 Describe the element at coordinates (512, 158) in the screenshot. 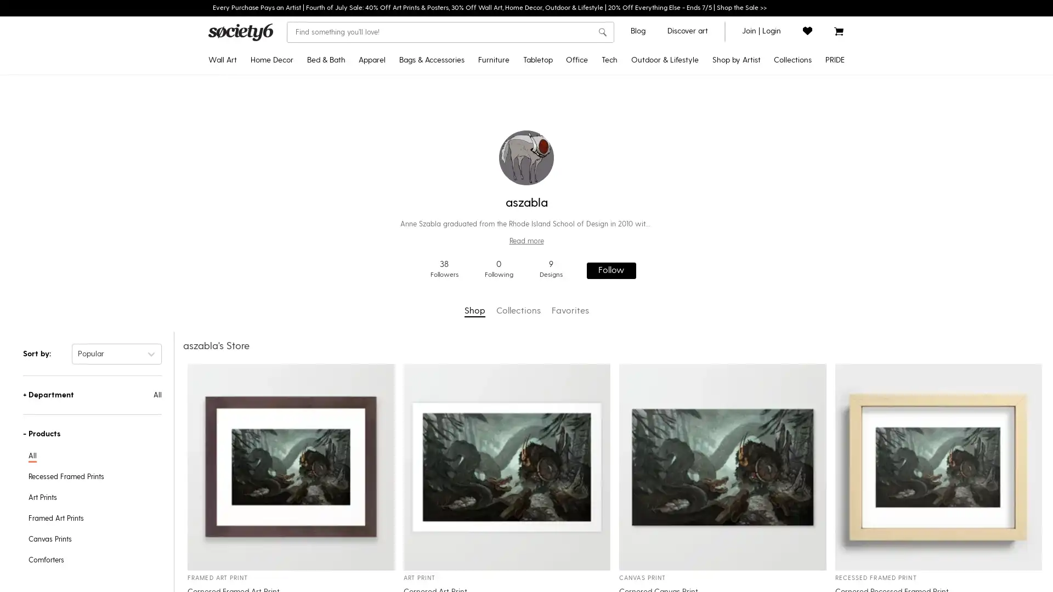

I see `Side Tables` at that location.